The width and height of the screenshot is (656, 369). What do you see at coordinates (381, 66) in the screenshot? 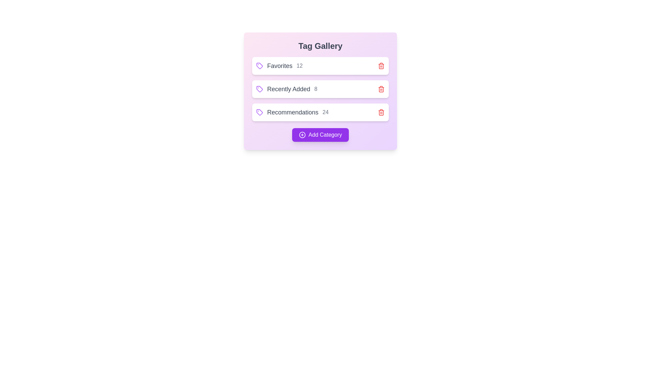
I see `the trash icon next to the tag labeled Favorites to remove it` at bounding box center [381, 66].